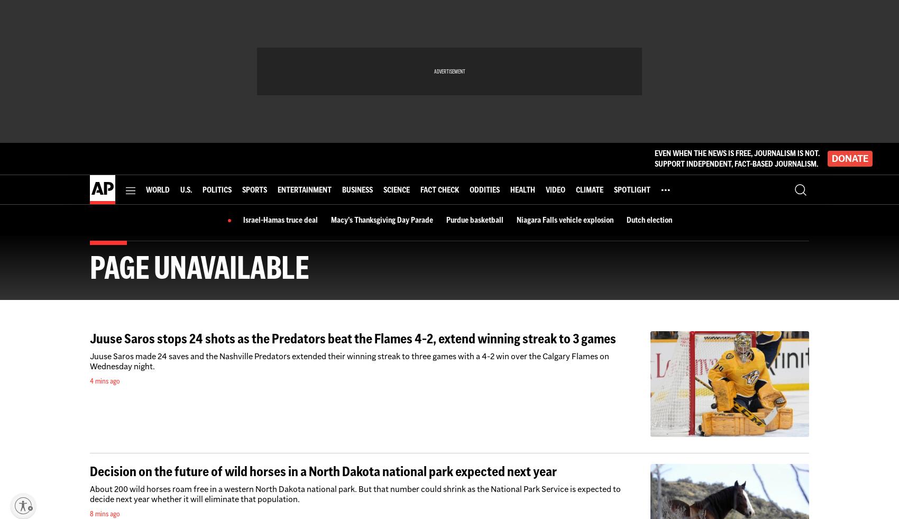  Describe the element at coordinates (631, 188) in the screenshot. I see `'Spotlight'` at that location.